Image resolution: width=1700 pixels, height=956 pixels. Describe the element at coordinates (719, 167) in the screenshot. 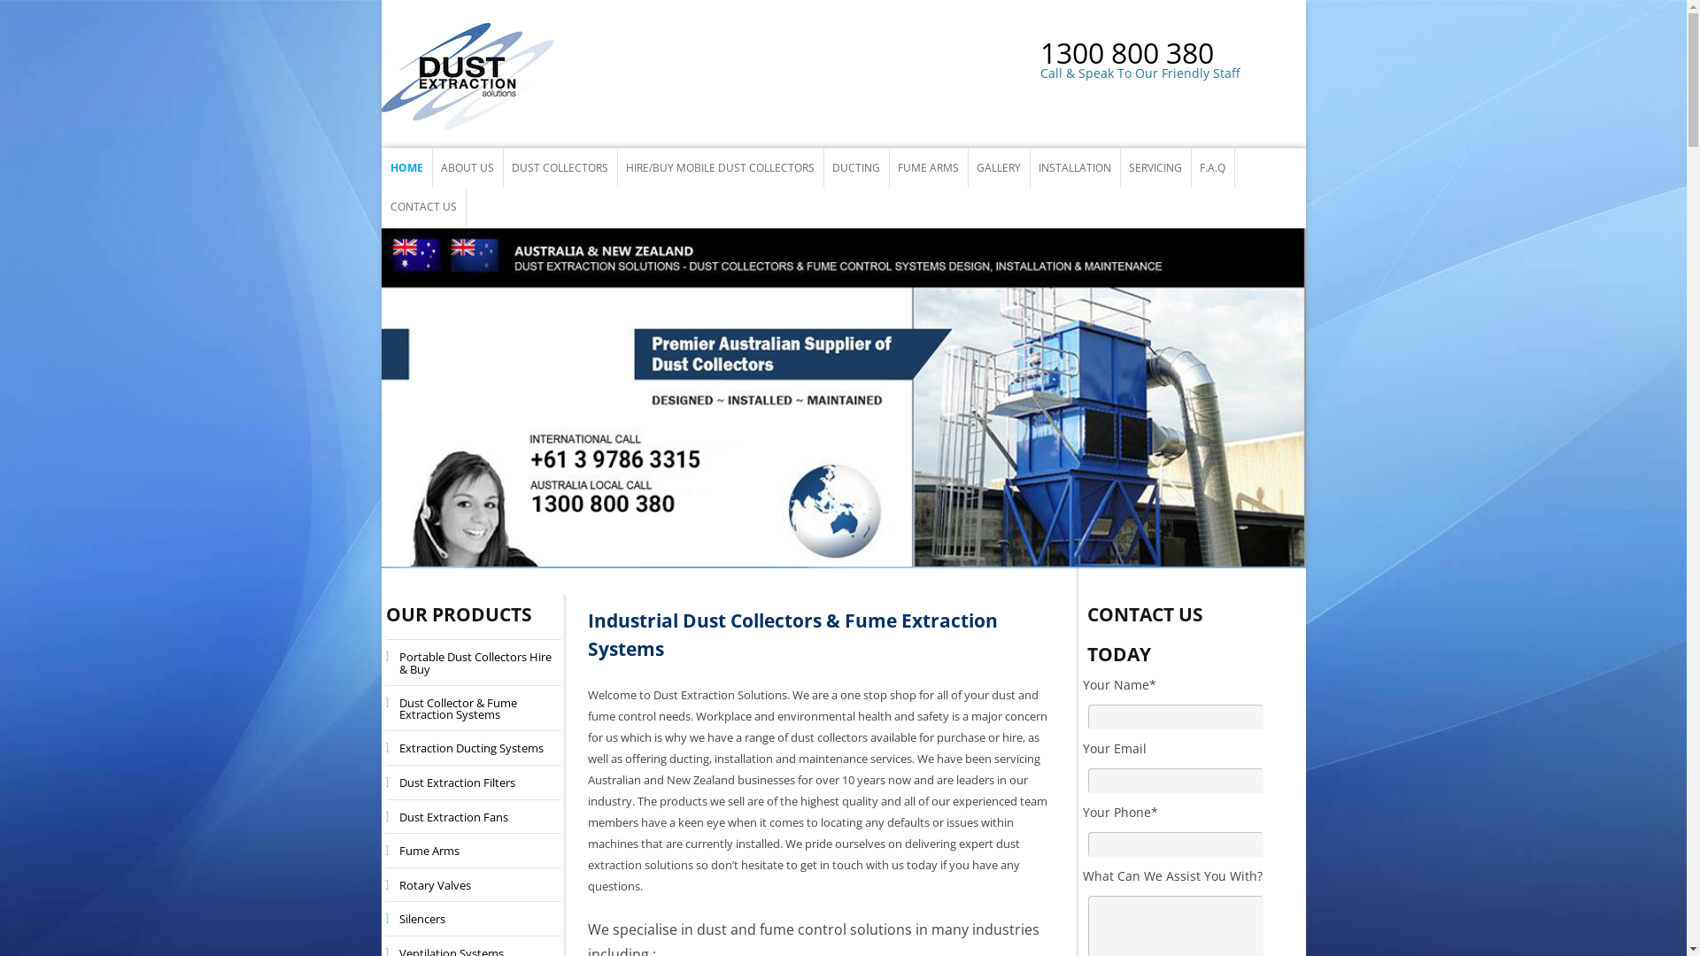

I see `'HIRE/BUY MOBILE DUST COLLECTORS'` at that location.